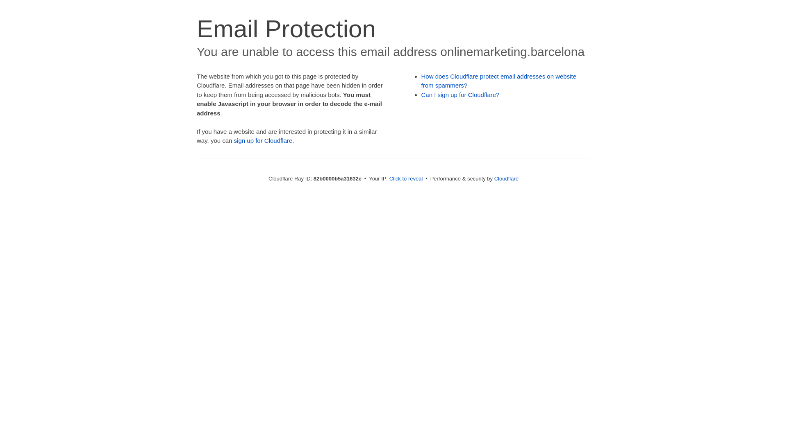  What do you see at coordinates (494, 178) in the screenshot?
I see `'Cloudflare'` at bounding box center [494, 178].